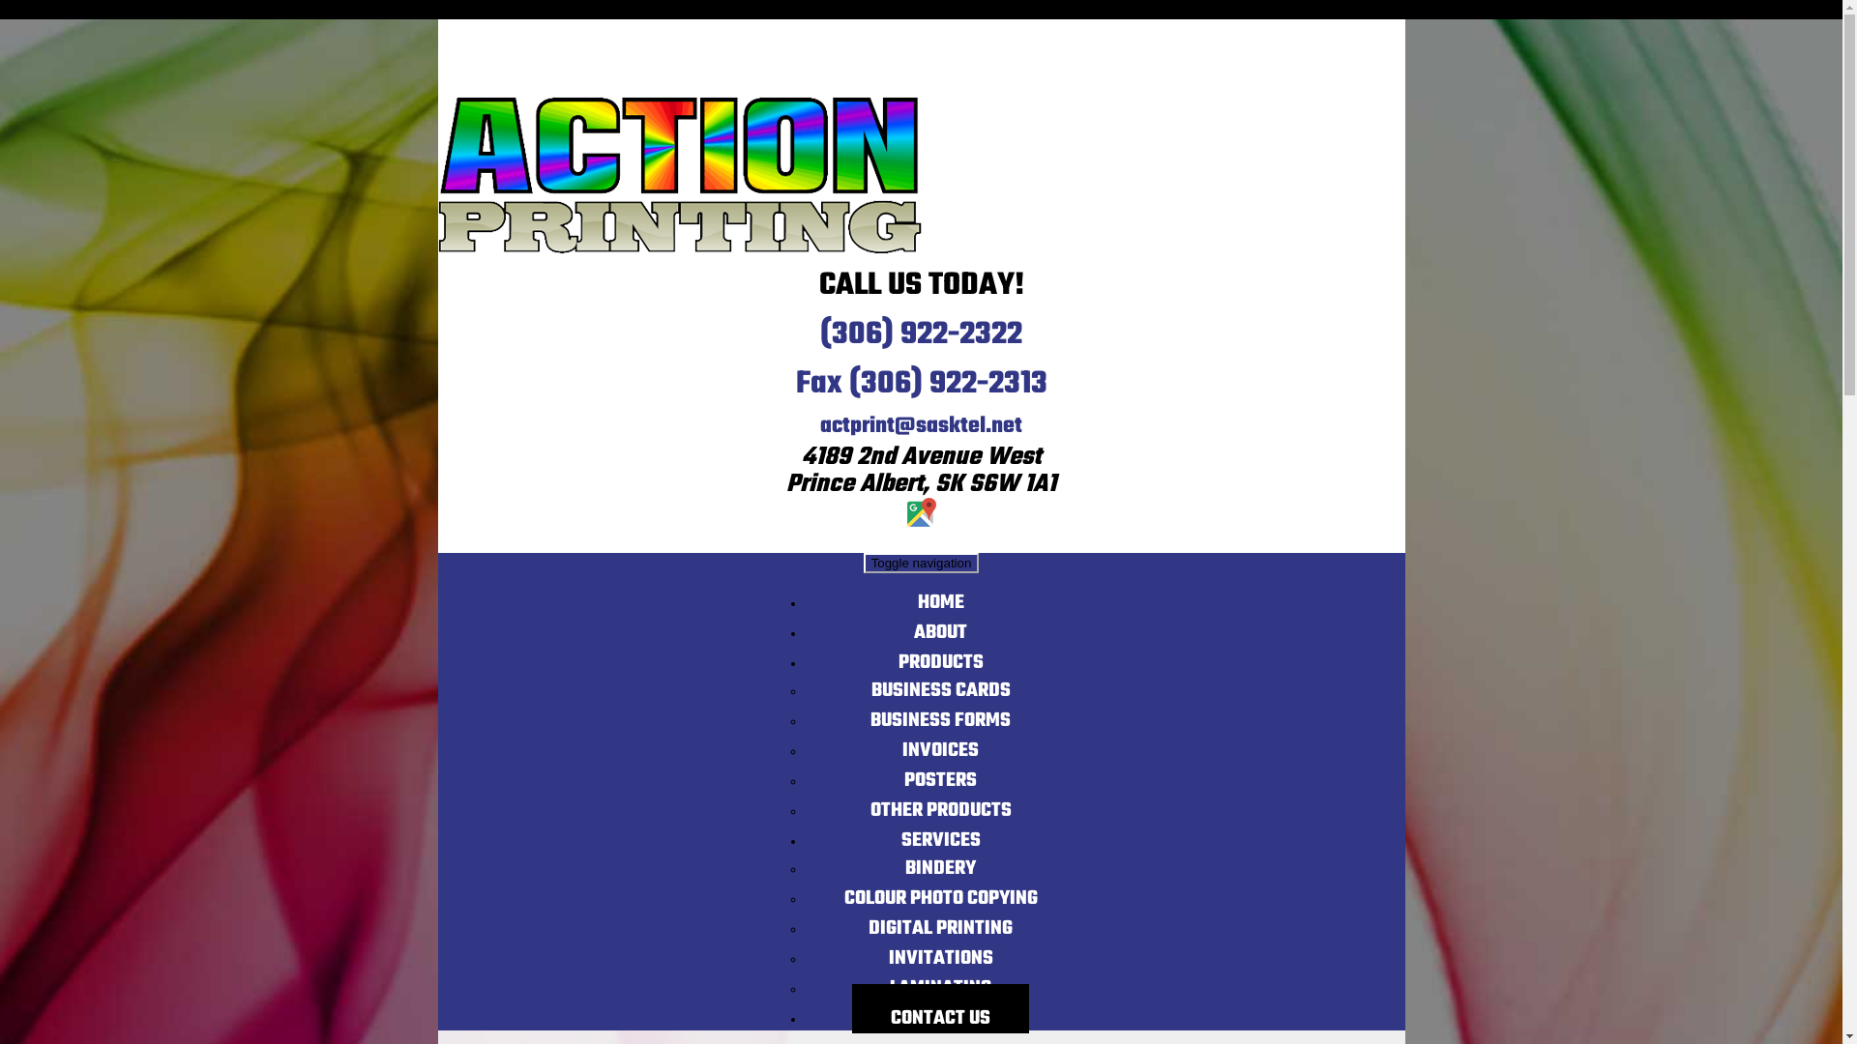 This screenshot has height=1044, width=1857. Describe the element at coordinates (921, 563) in the screenshot. I see `'Toggle navigation'` at that location.